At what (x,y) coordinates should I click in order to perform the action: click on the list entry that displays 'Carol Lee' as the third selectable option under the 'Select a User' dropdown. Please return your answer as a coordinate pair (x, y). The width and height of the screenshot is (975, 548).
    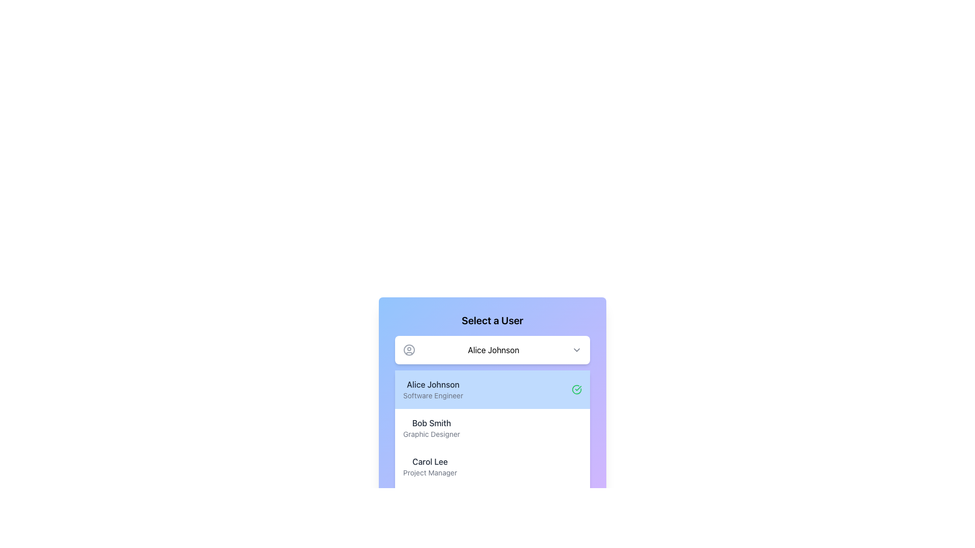
    Looking at the image, I should click on (492, 467).